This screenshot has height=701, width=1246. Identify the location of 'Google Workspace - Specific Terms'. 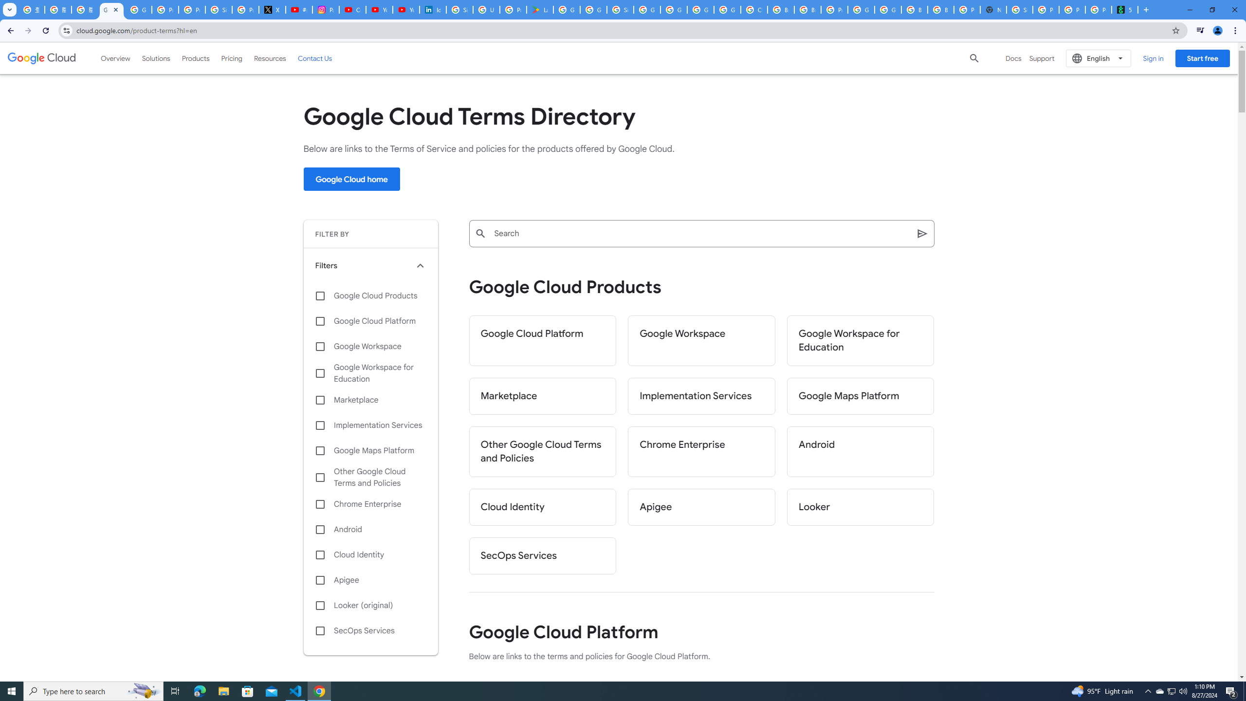
(593, 9).